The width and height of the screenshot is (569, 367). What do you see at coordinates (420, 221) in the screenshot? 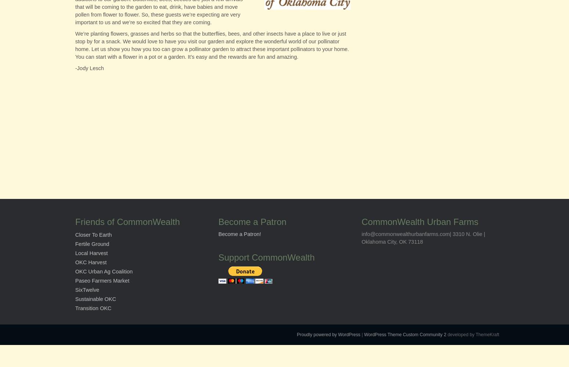
I see `'CommonWealth Urban Farms'` at bounding box center [420, 221].